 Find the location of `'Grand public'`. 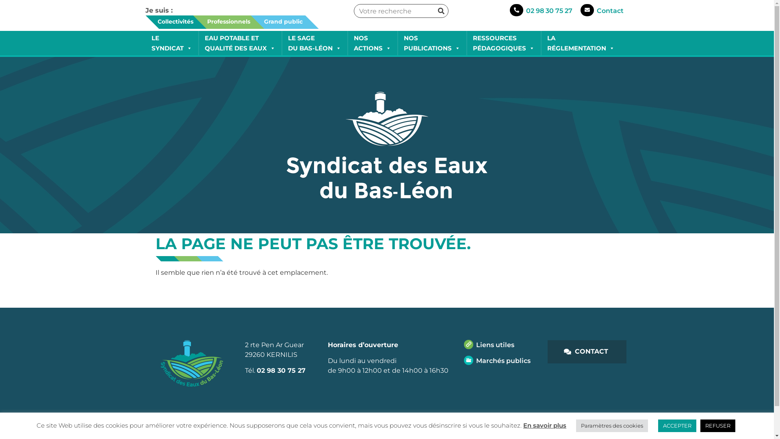

'Grand public' is located at coordinates (277, 20).